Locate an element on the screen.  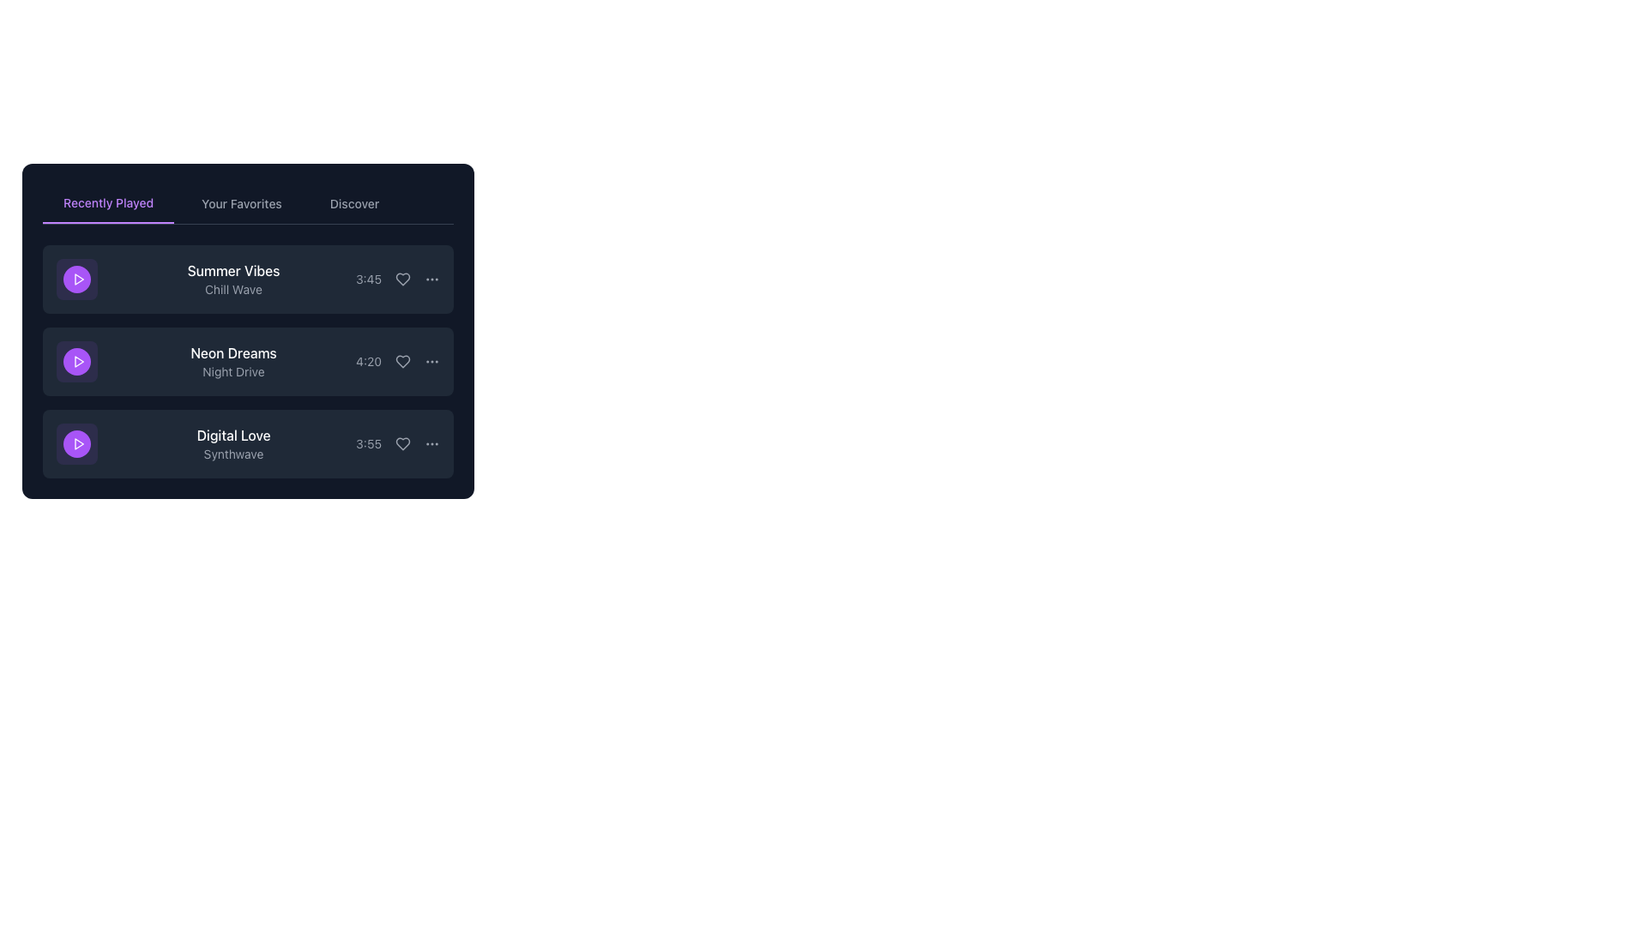
the Text label that serves as a subtitle or genre classification for the song 'Summer Vibes', which is located in the 'Recently Played' section, beneath the title 'Summer Vibes' is located at coordinates (232, 289).